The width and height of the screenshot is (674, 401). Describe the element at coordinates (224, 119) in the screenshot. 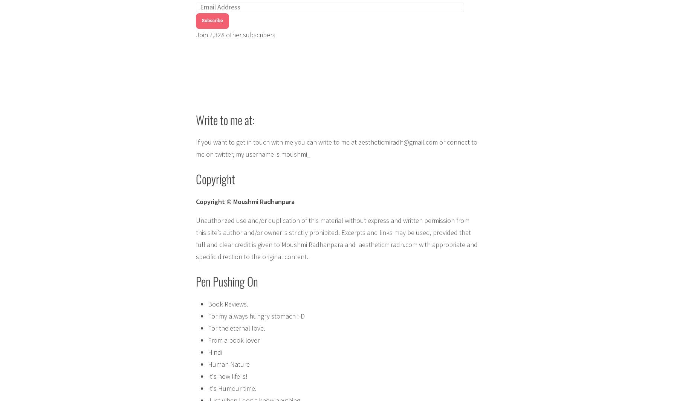

I see `'Write to me at:'` at that location.